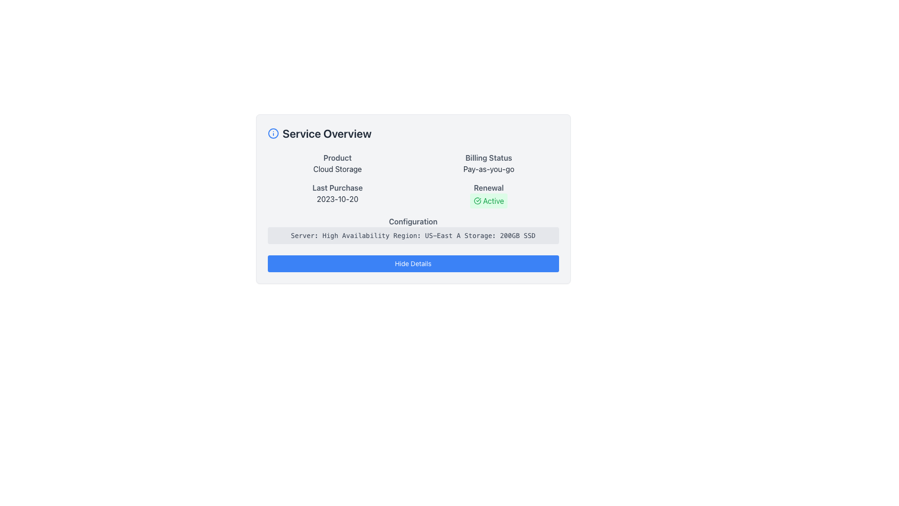 The image size is (899, 506). What do you see at coordinates (337, 169) in the screenshot?
I see `the 'Cloud Storage' text label, which is styled in bold, dark gray and positioned below the 'Product' text in the service details section` at bounding box center [337, 169].